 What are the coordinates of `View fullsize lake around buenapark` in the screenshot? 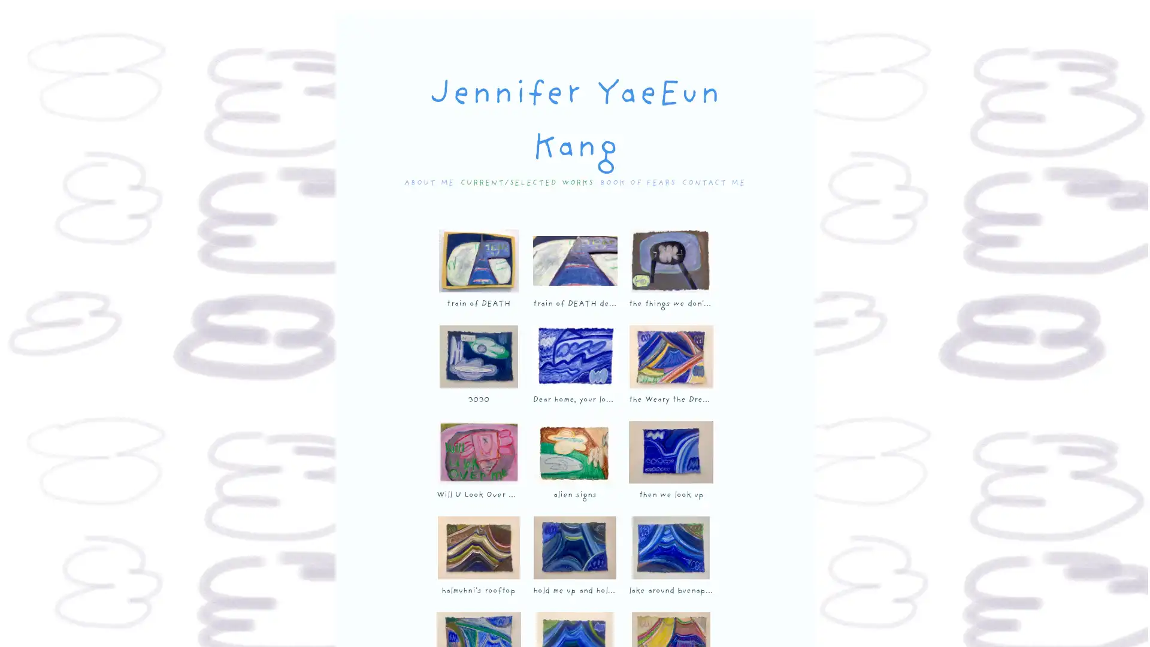 It's located at (670, 548).